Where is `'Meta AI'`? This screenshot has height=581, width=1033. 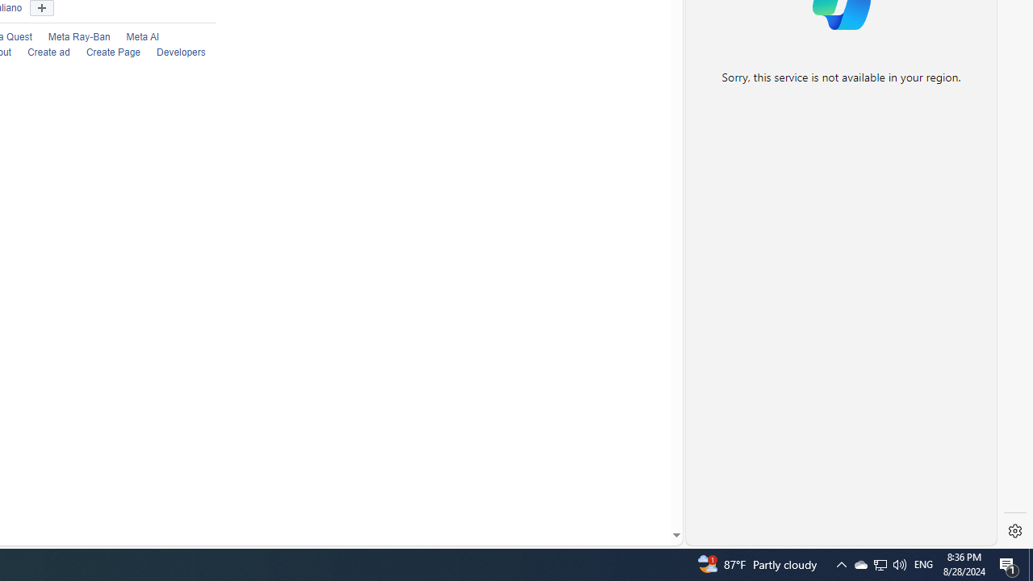 'Meta AI' is located at coordinates (135, 36).